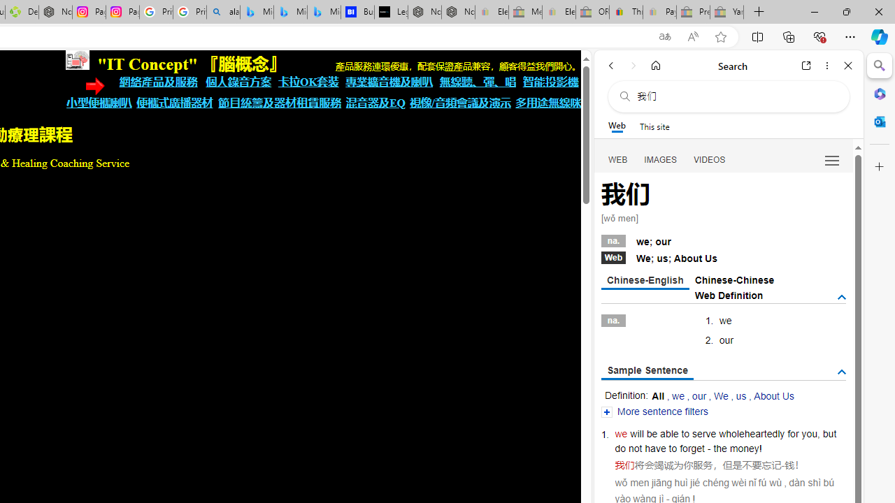 This screenshot has height=503, width=895. I want to click on 'but', so click(829, 433).